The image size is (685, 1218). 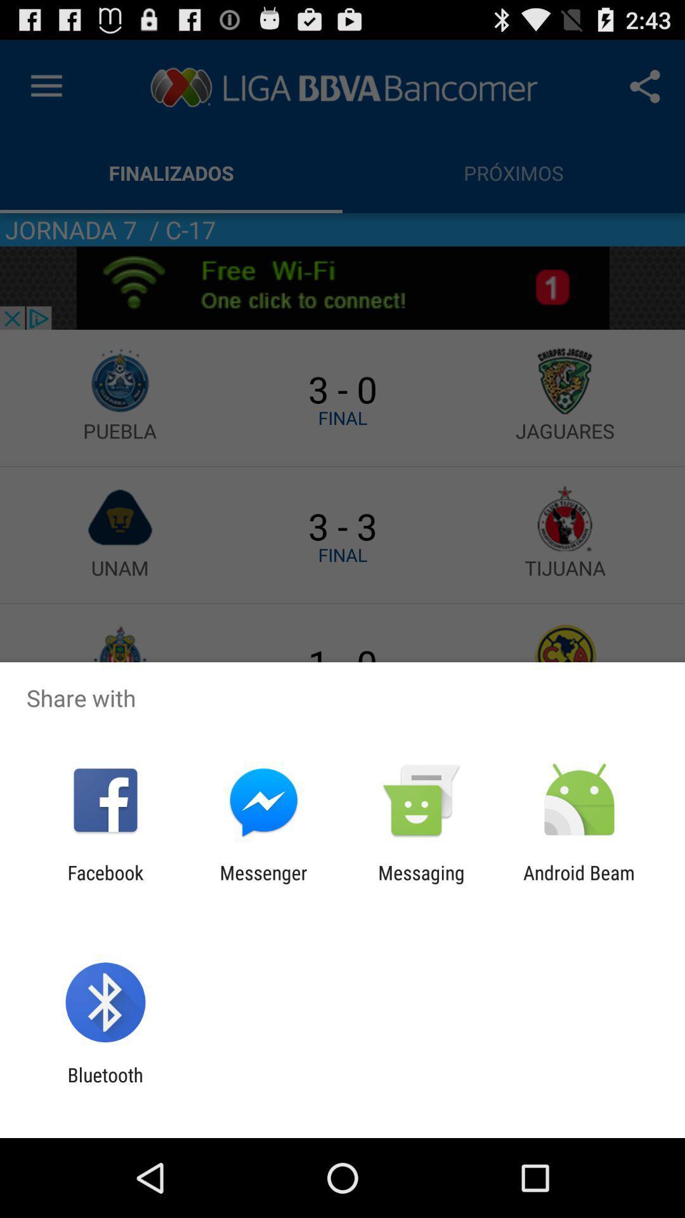 I want to click on the icon next to the messenger app, so click(x=421, y=883).